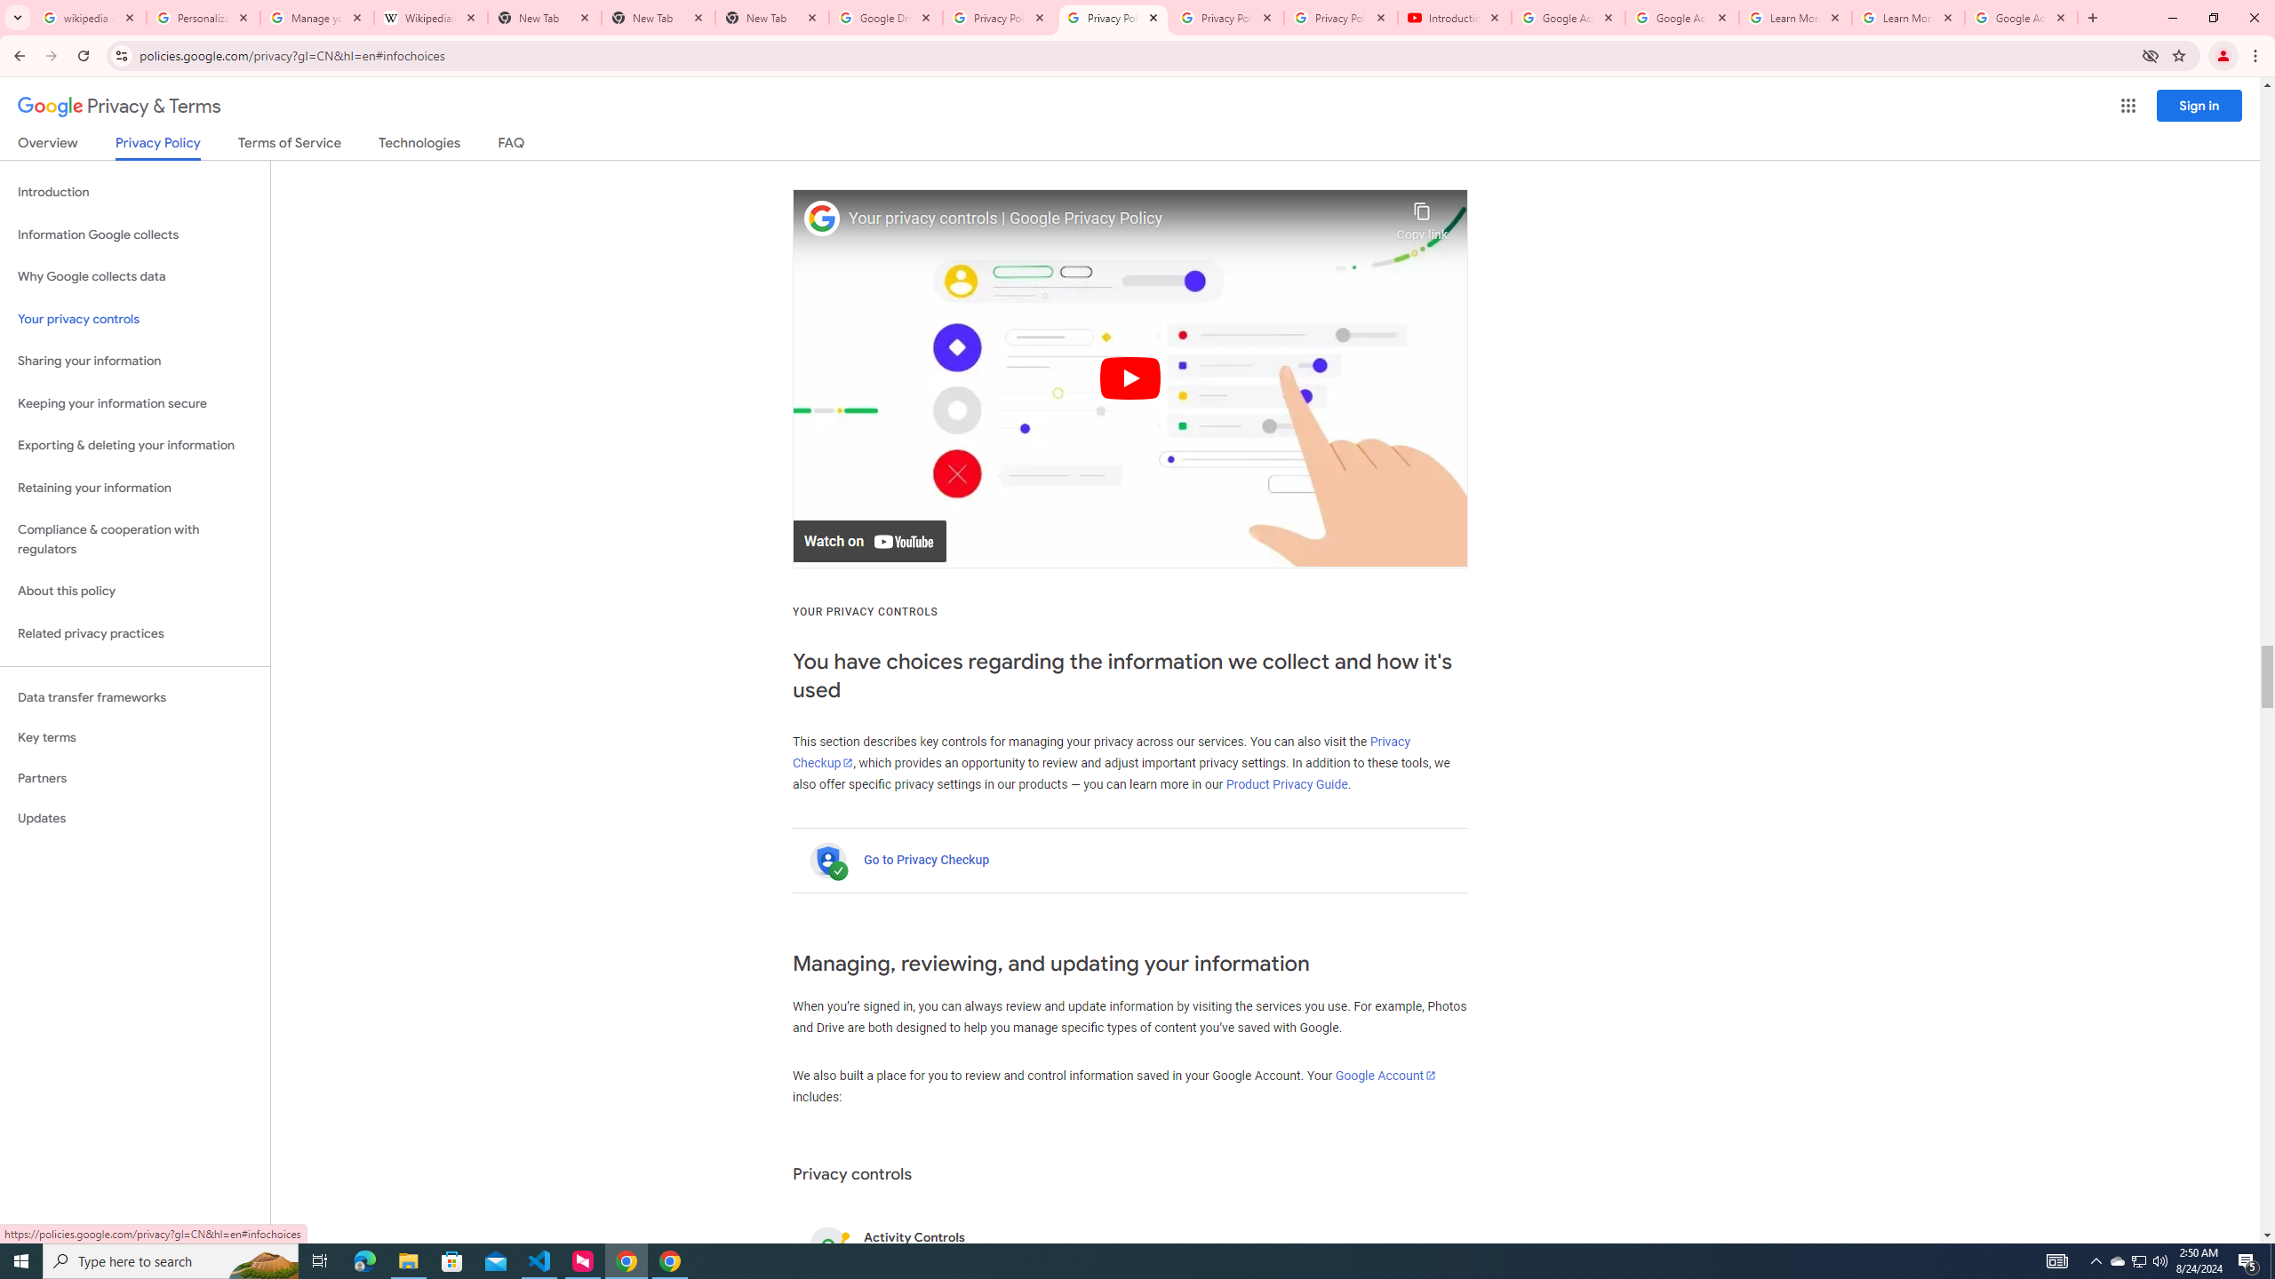 The width and height of the screenshot is (2275, 1279). What do you see at coordinates (511, 146) in the screenshot?
I see `'FAQ'` at bounding box center [511, 146].